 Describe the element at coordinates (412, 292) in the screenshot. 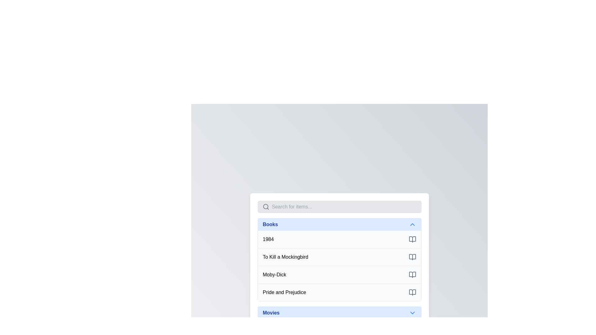

I see `the compact icon resembling an open book located on the rightmost side of the row for 'Pride and Prejudice'` at that location.